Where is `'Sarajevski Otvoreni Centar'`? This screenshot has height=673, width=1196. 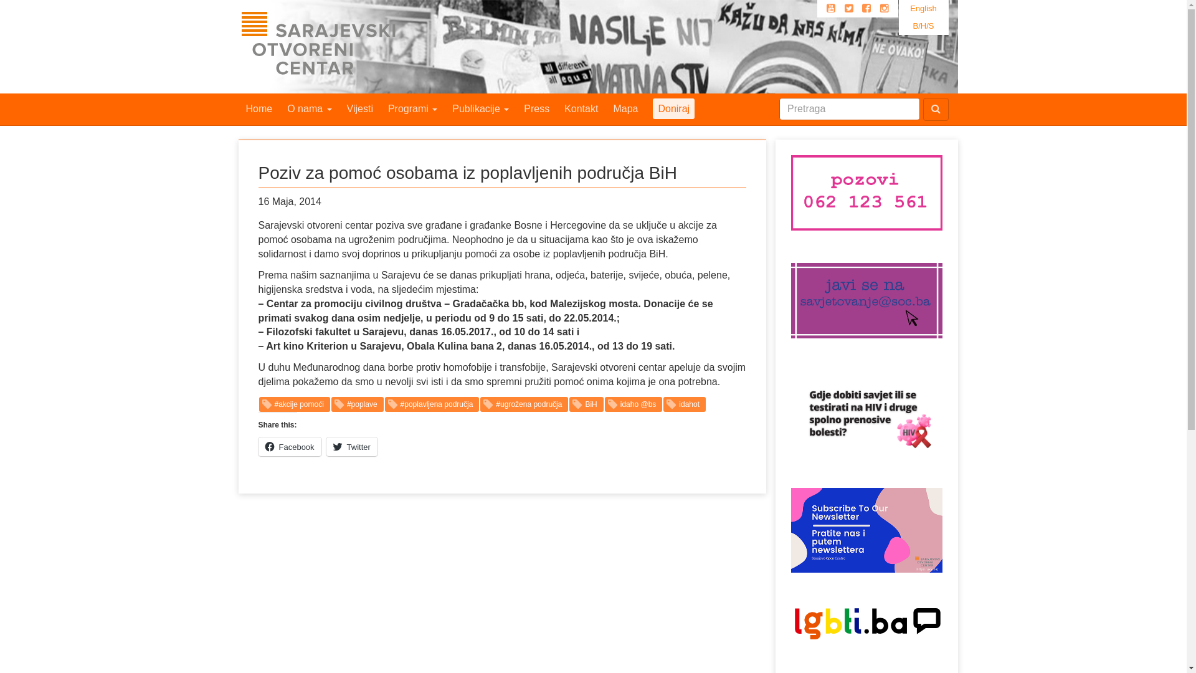 'Sarajevski Otvoreni Centar' is located at coordinates (344, 45).